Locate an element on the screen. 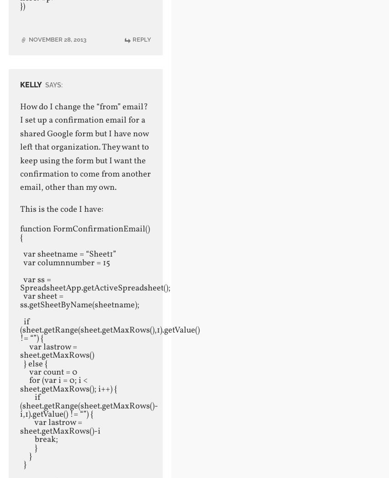  'var lastrow = sheet.getMaxRows()-i' is located at coordinates (59, 426).